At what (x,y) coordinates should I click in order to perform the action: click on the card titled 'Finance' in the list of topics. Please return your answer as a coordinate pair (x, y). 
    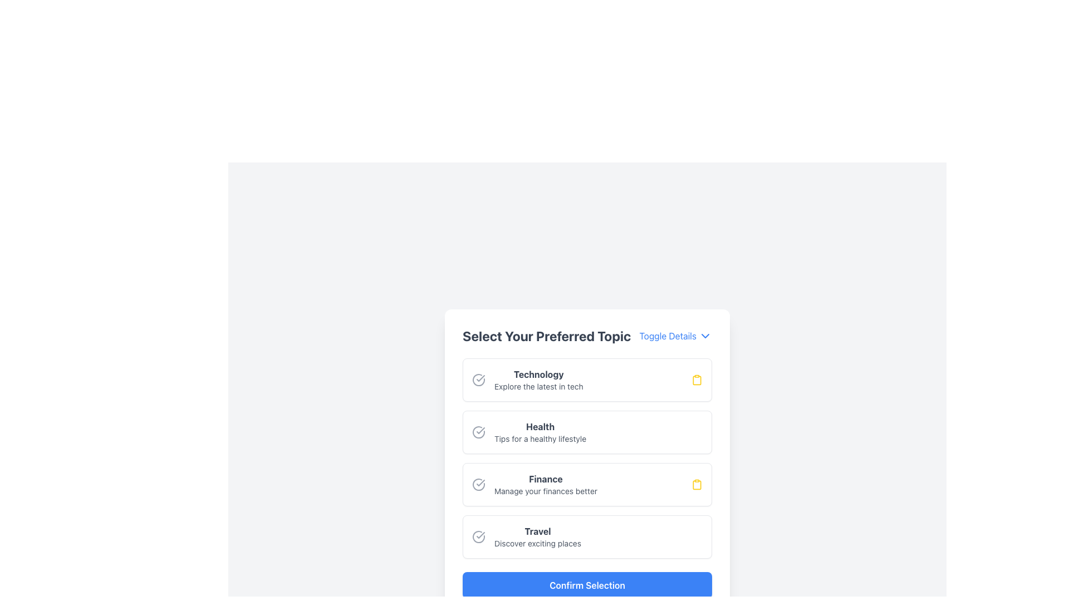
    Looking at the image, I should click on (587, 484).